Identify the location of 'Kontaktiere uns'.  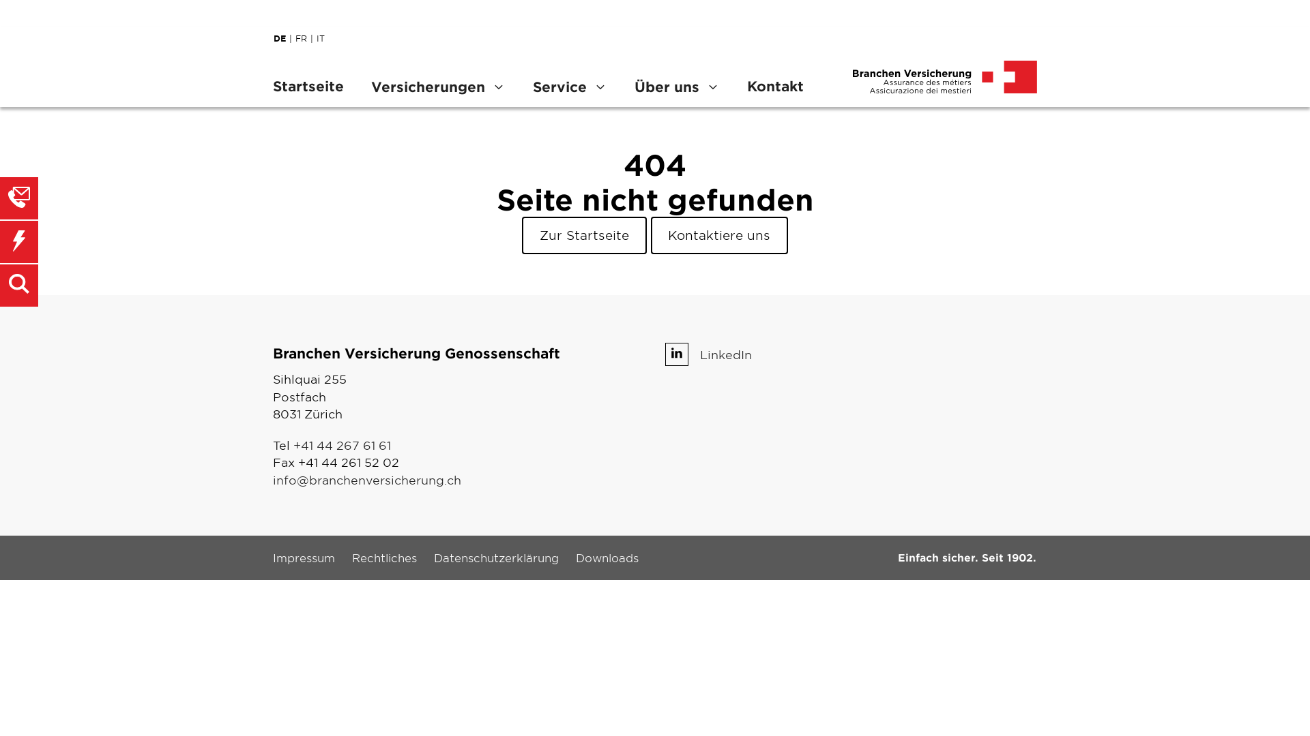
(719, 234).